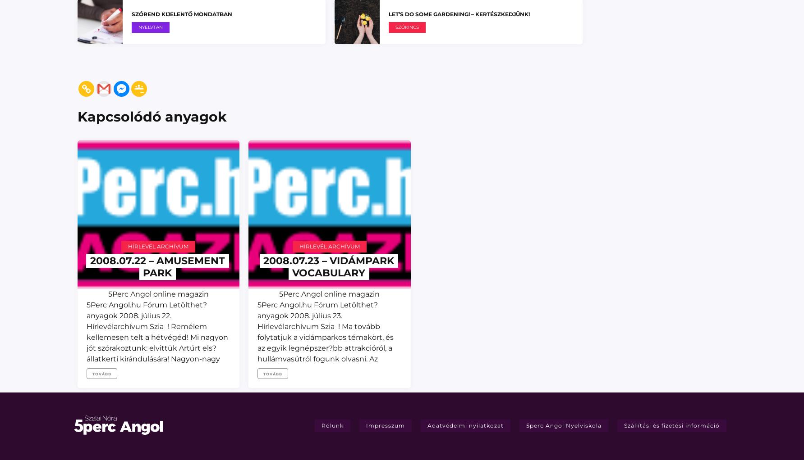 The width and height of the screenshot is (804, 460). I want to click on '5perc Angol Nyelviskola', so click(563, 425).